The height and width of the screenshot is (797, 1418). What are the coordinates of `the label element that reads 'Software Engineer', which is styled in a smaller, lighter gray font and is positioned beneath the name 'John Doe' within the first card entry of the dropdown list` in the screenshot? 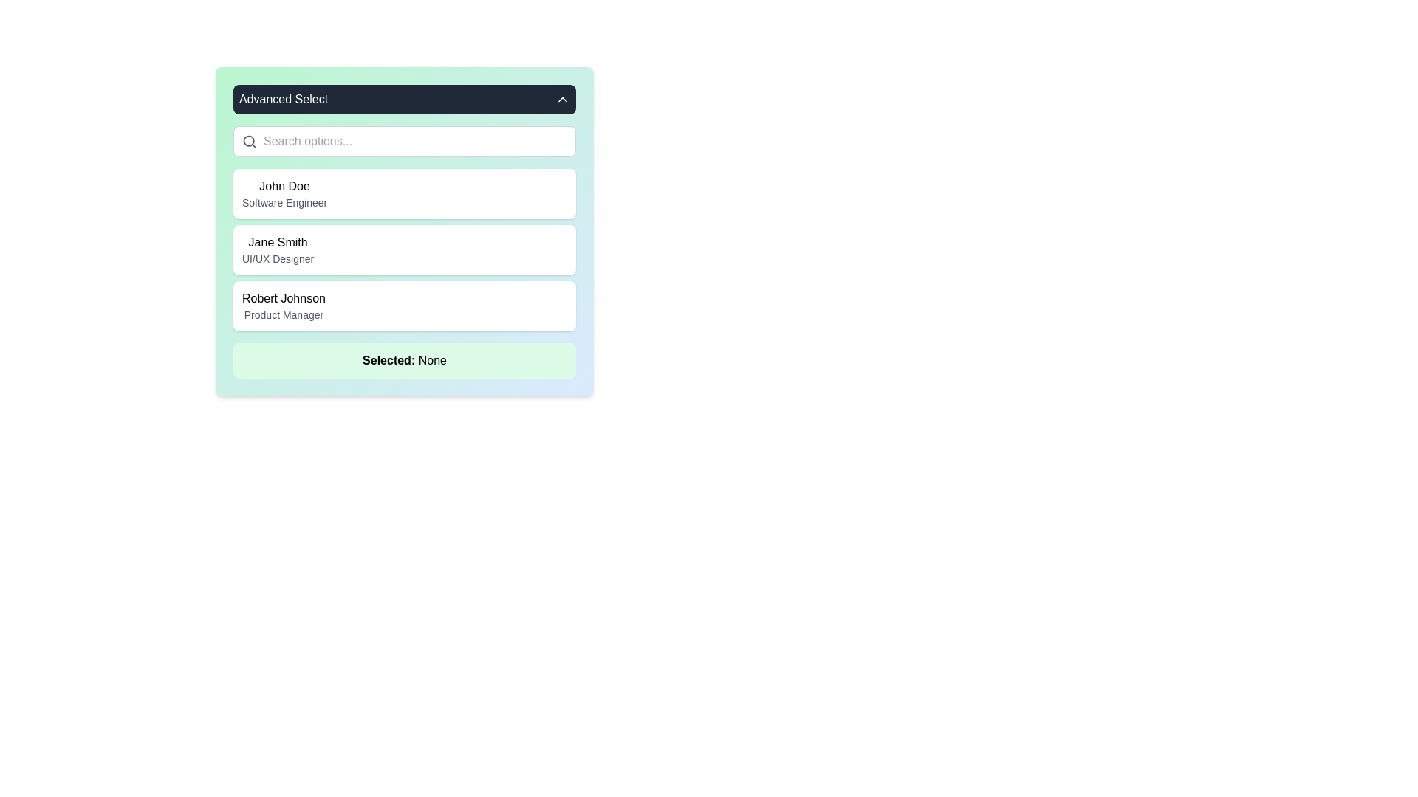 It's located at (284, 202).